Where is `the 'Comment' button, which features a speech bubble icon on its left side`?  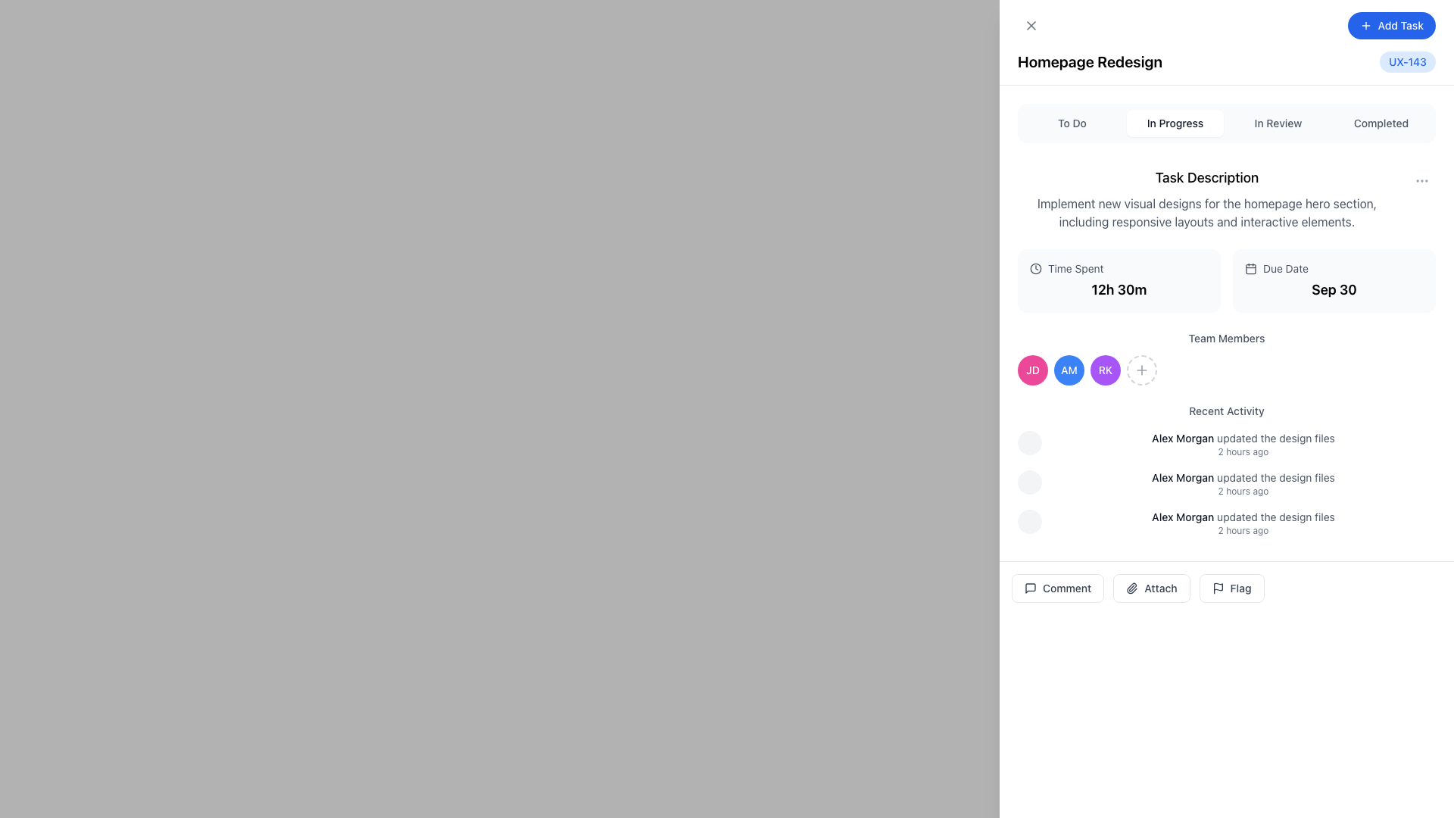
the 'Comment' button, which features a speech bubble icon on its left side is located at coordinates (1030, 587).